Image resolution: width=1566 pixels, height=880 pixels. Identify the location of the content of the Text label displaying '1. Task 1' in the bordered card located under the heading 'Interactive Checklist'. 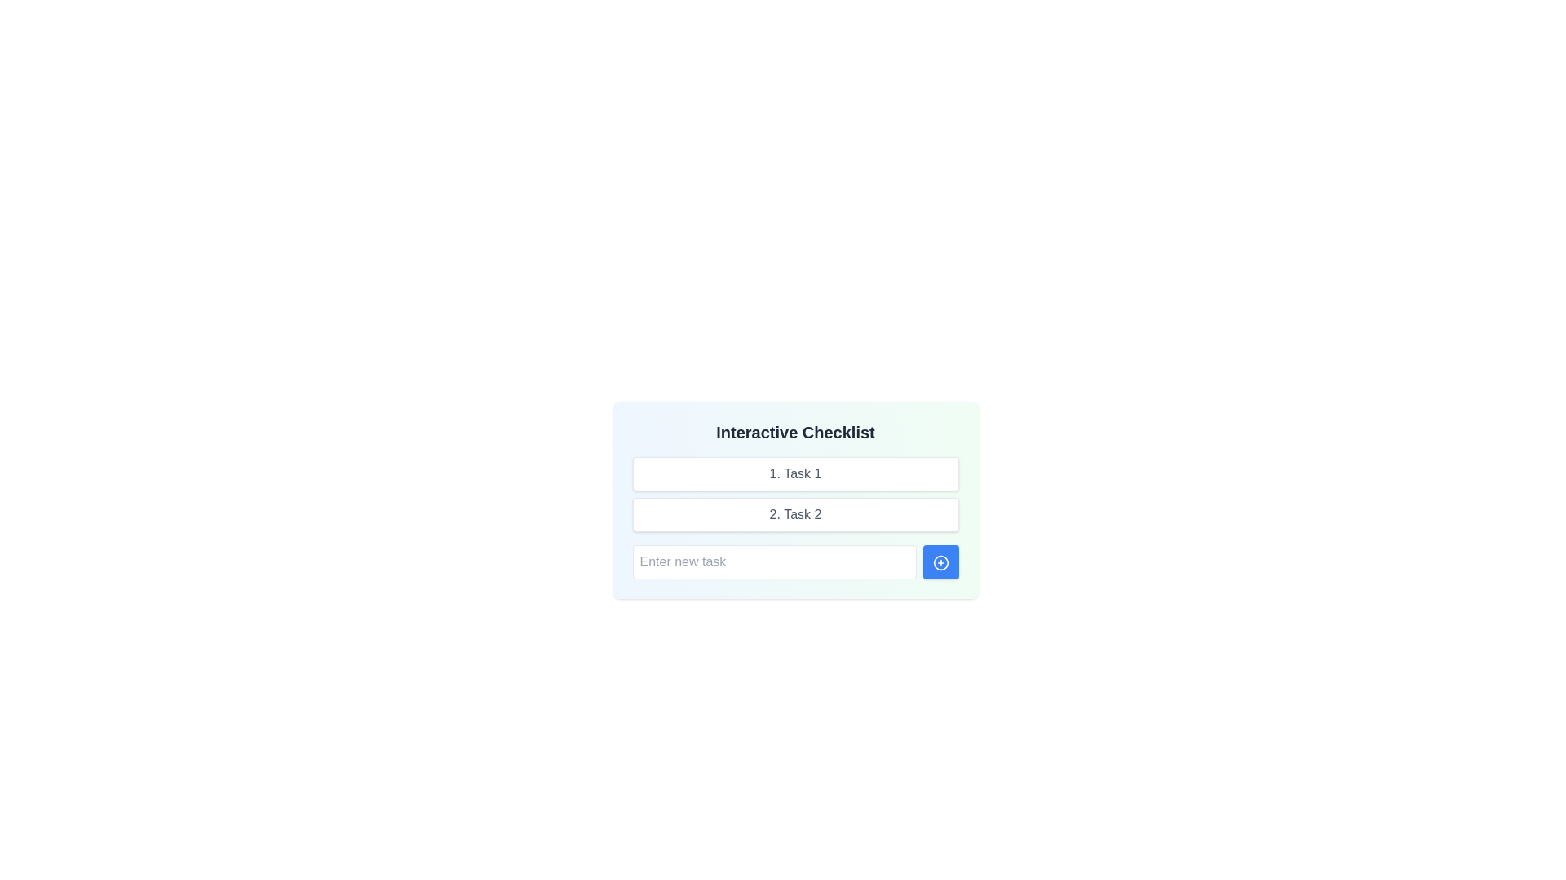
(795, 474).